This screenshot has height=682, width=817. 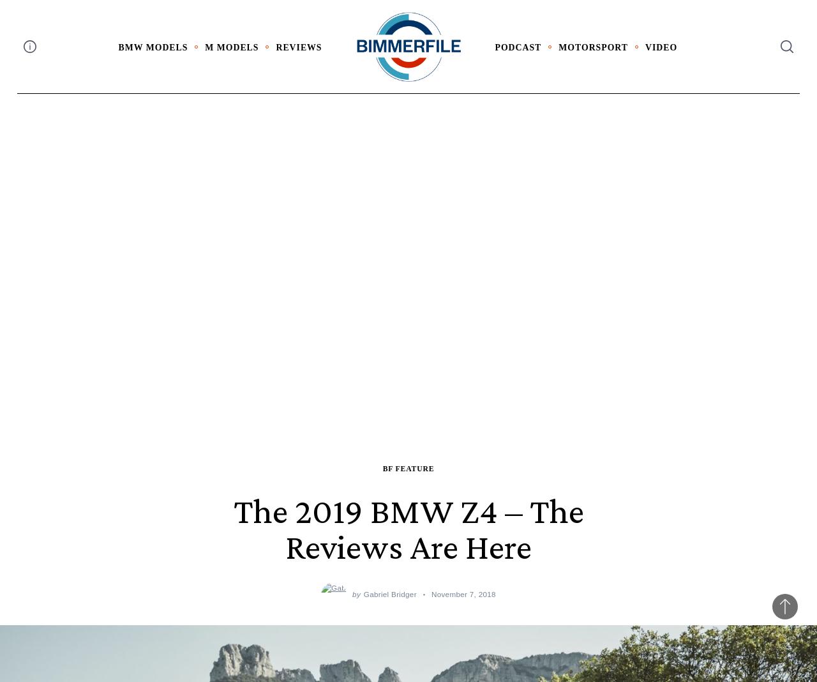 I want to click on 'All BMW M News', so click(x=222, y=73).